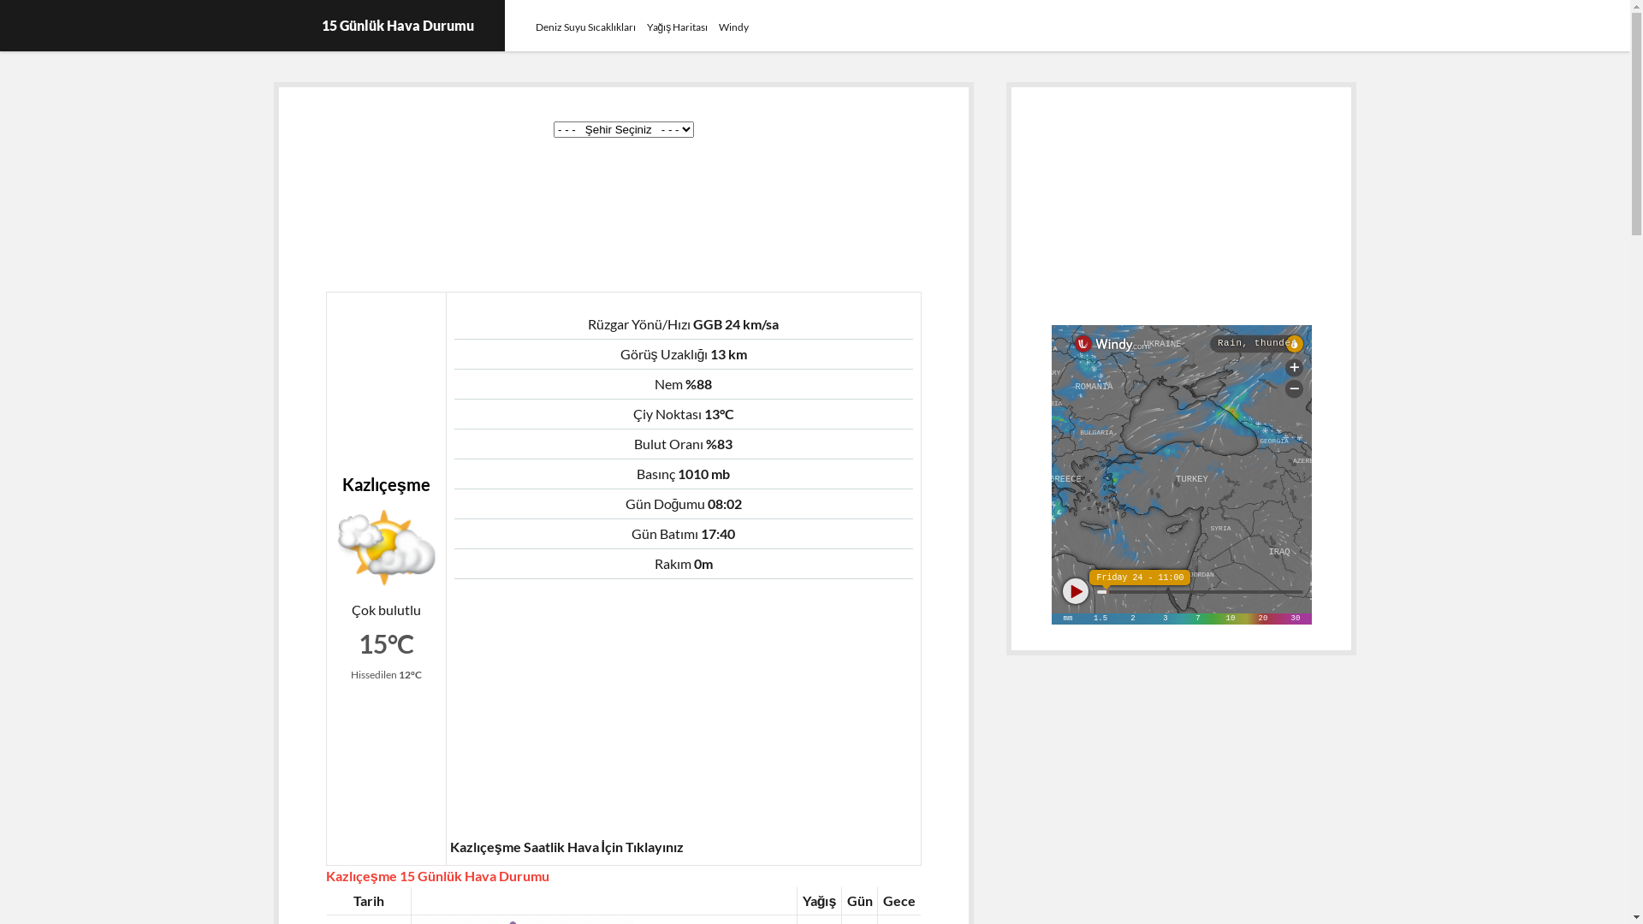 Image resolution: width=1643 pixels, height=924 pixels. I want to click on 'Windy', so click(733, 27).